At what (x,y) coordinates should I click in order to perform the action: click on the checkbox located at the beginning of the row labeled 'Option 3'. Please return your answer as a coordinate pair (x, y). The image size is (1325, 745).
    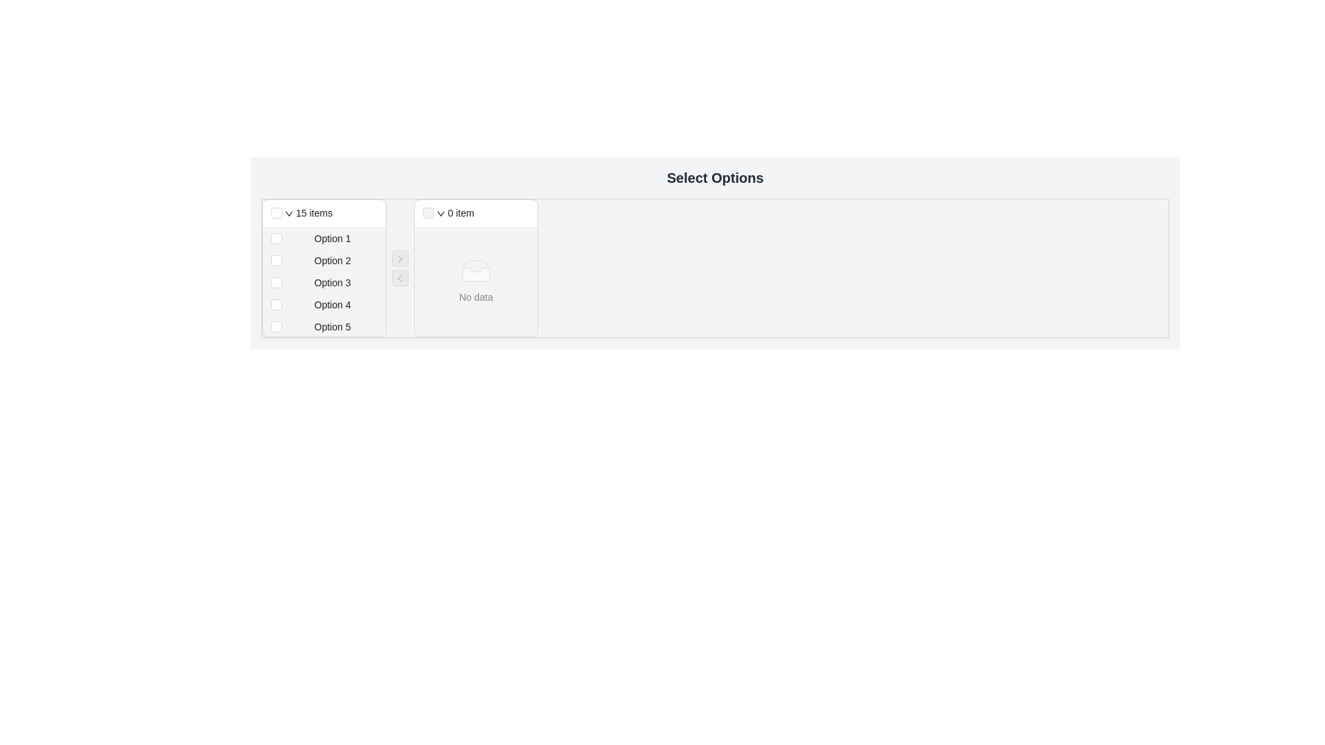
    Looking at the image, I should click on (276, 281).